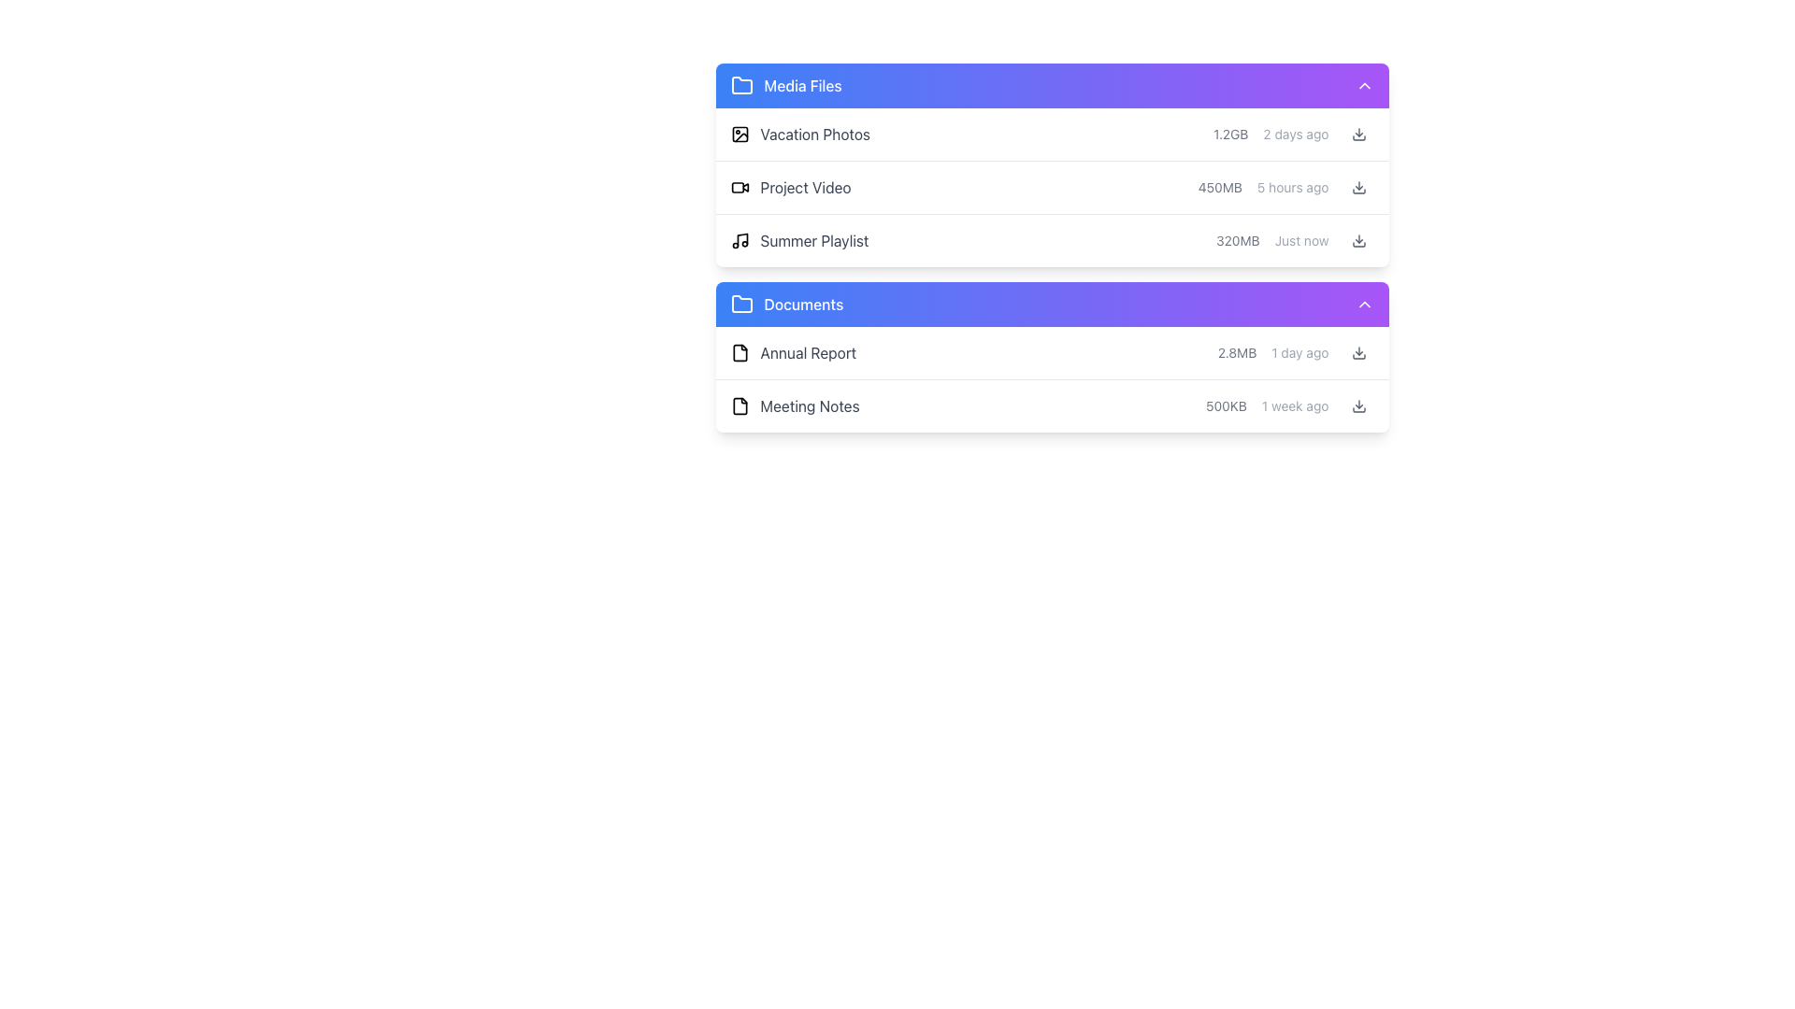 The width and height of the screenshot is (1795, 1009). Describe the element at coordinates (803, 86) in the screenshot. I see `the 'Media Files' static text element, which is styled in white text on a blue-purple gradient background, positioned to the right of an SVG folder icon` at that location.